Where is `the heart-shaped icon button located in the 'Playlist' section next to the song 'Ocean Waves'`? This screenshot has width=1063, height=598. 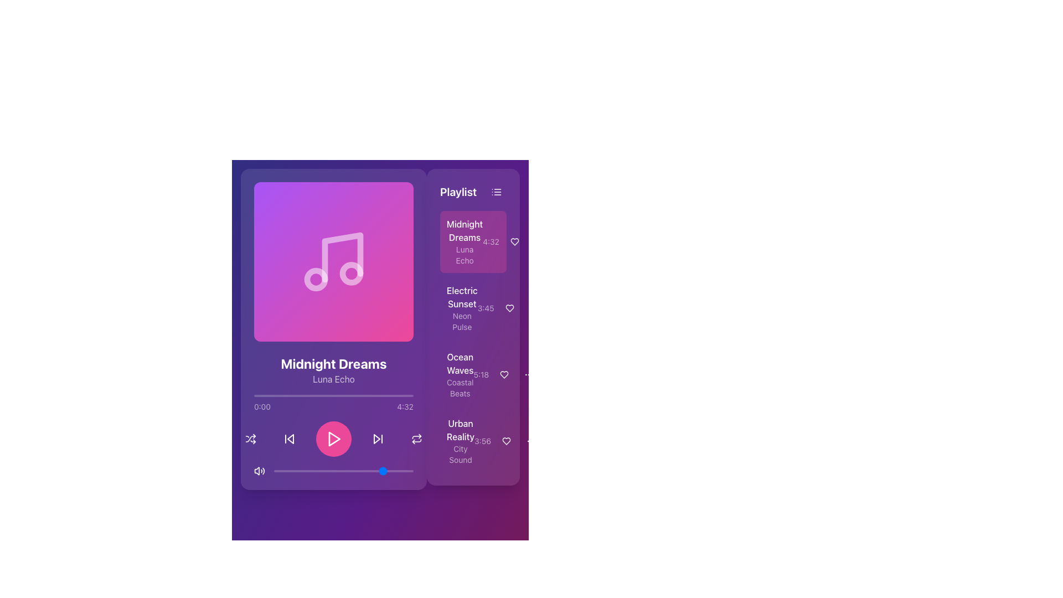 the heart-shaped icon button located in the 'Playlist' section next to the song 'Ocean Waves' is located at coordinates (504, 374).